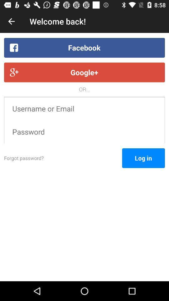 The image size is (169, 301). I want to click on item above the or... item, so click(84, 72).